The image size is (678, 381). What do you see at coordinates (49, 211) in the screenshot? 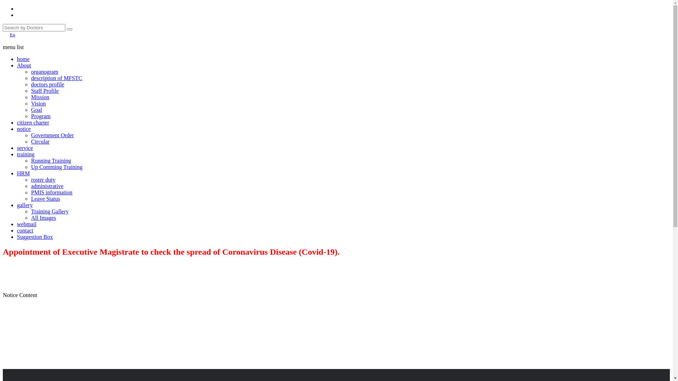
I see `'Training Gallery'` at bounding box center [49, 211].